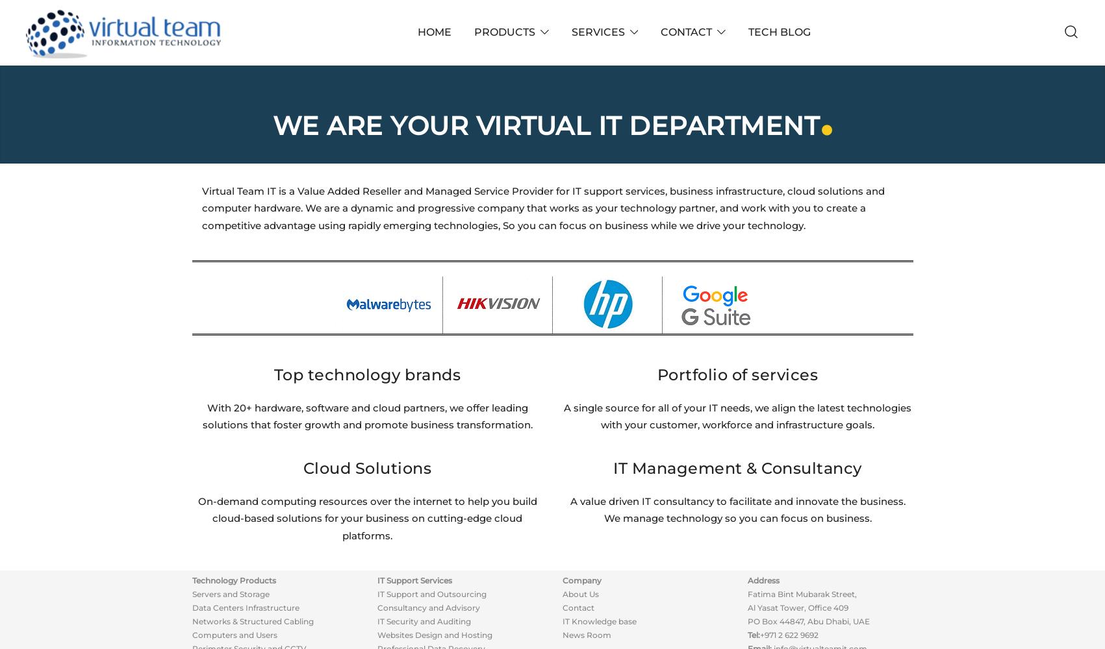 The height and width of the screenshot is (649, 1105). Describe the element at coordinates (802, 594) in the screenshot. I see `'Fatima Bint Mubarak Street,'` at that location.